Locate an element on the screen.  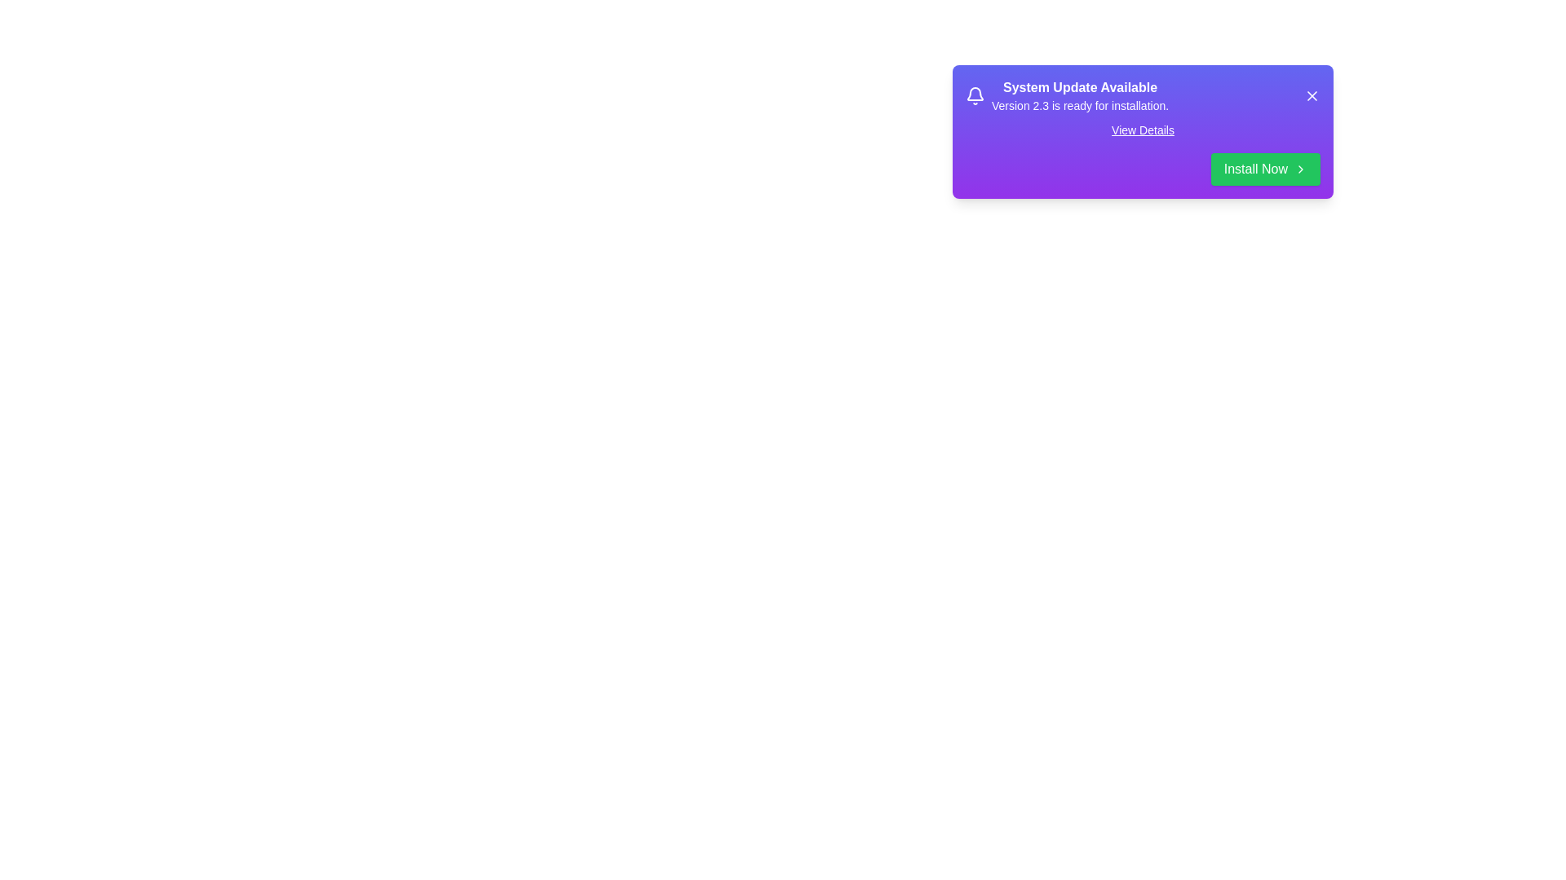
the bell icon to explore its functionality is located at coordinates (975, 96).